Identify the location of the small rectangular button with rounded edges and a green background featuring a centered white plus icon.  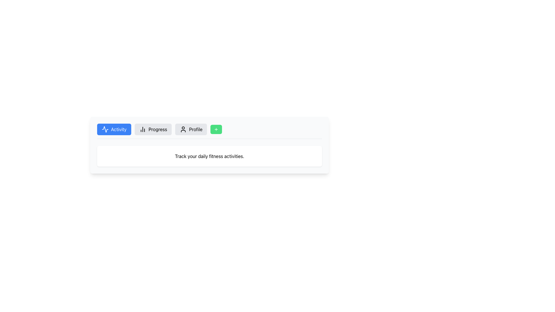
(216, 129).